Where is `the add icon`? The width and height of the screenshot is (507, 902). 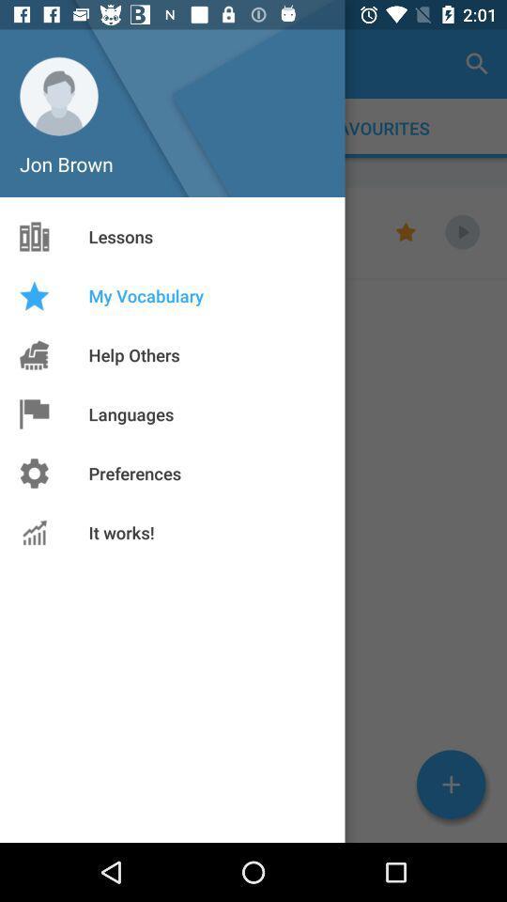 the add icon is located at coordinates (450, 785).